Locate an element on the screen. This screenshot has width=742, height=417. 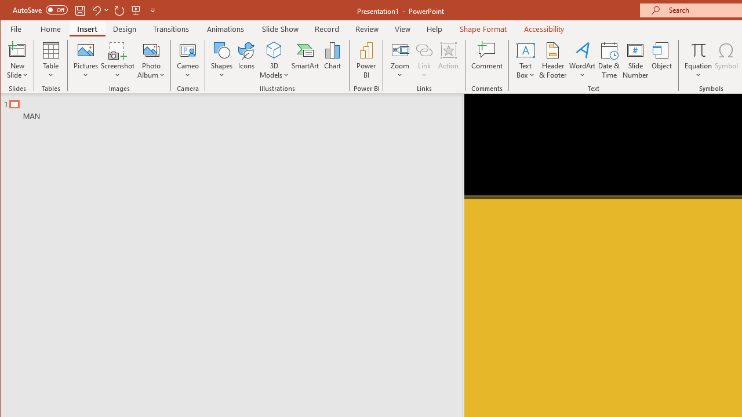
'Header & Footer...' is located at coordinates (552, 60).